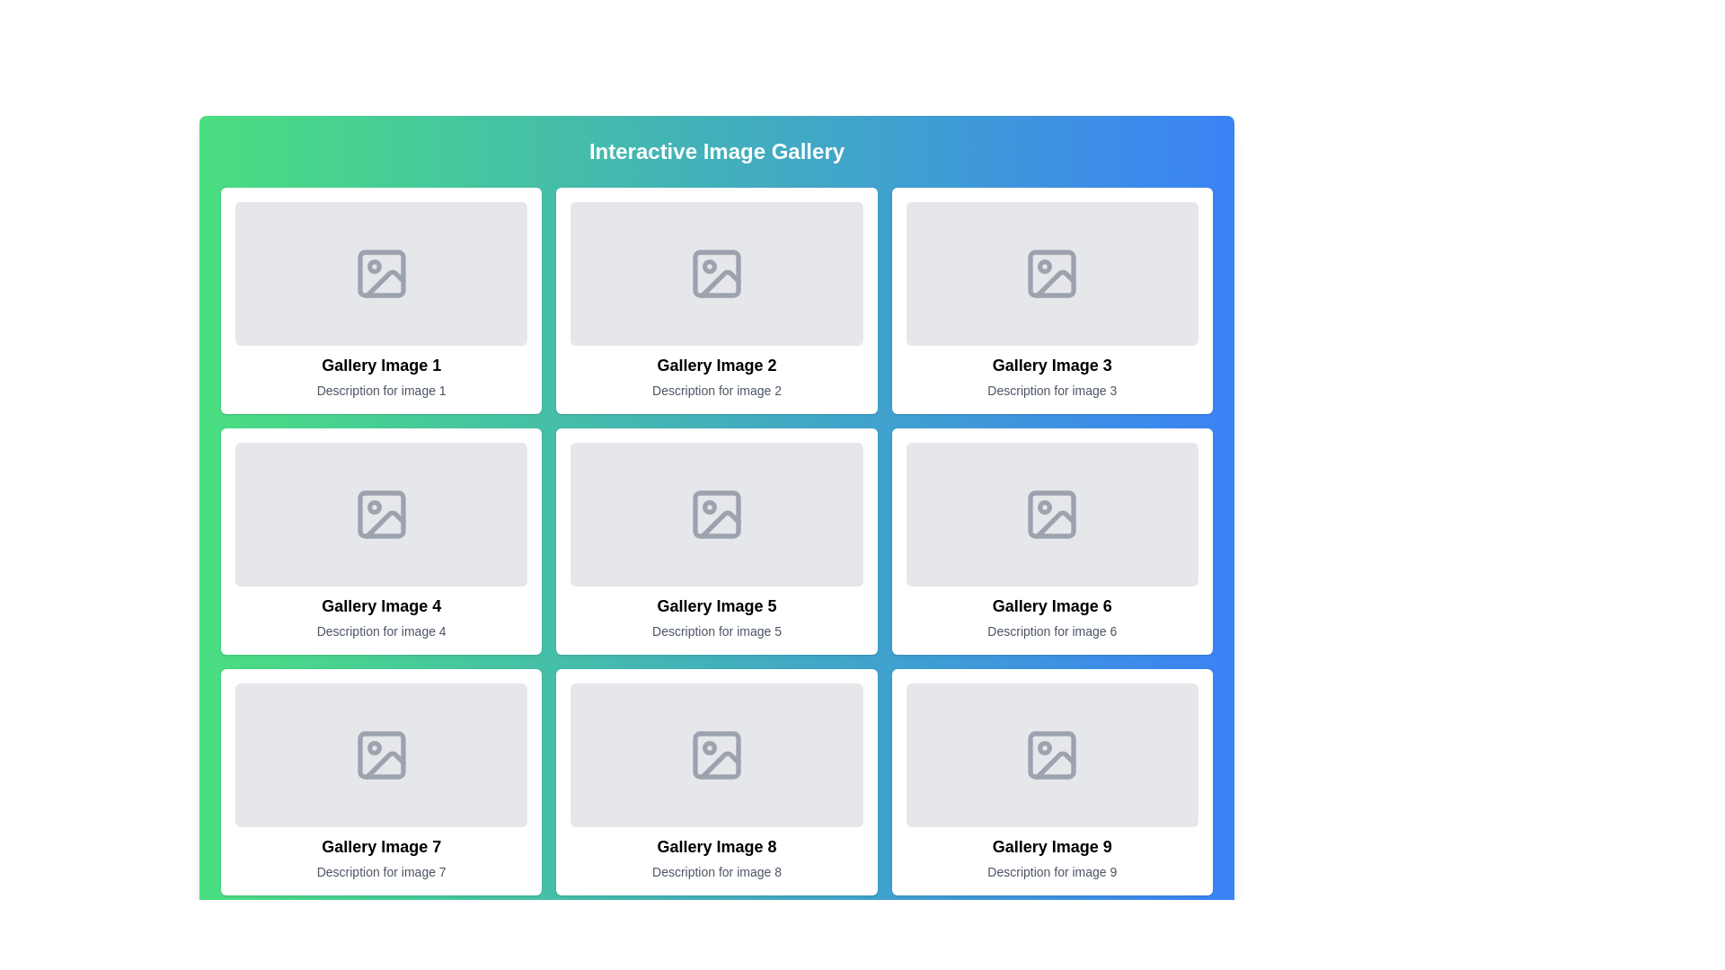  Describe the element at coordinates (380, 273) in the screenshot. I see `the gallery image icon located in the top-left corner of the grid, above the text 'Gallery Image 1'` at that location.